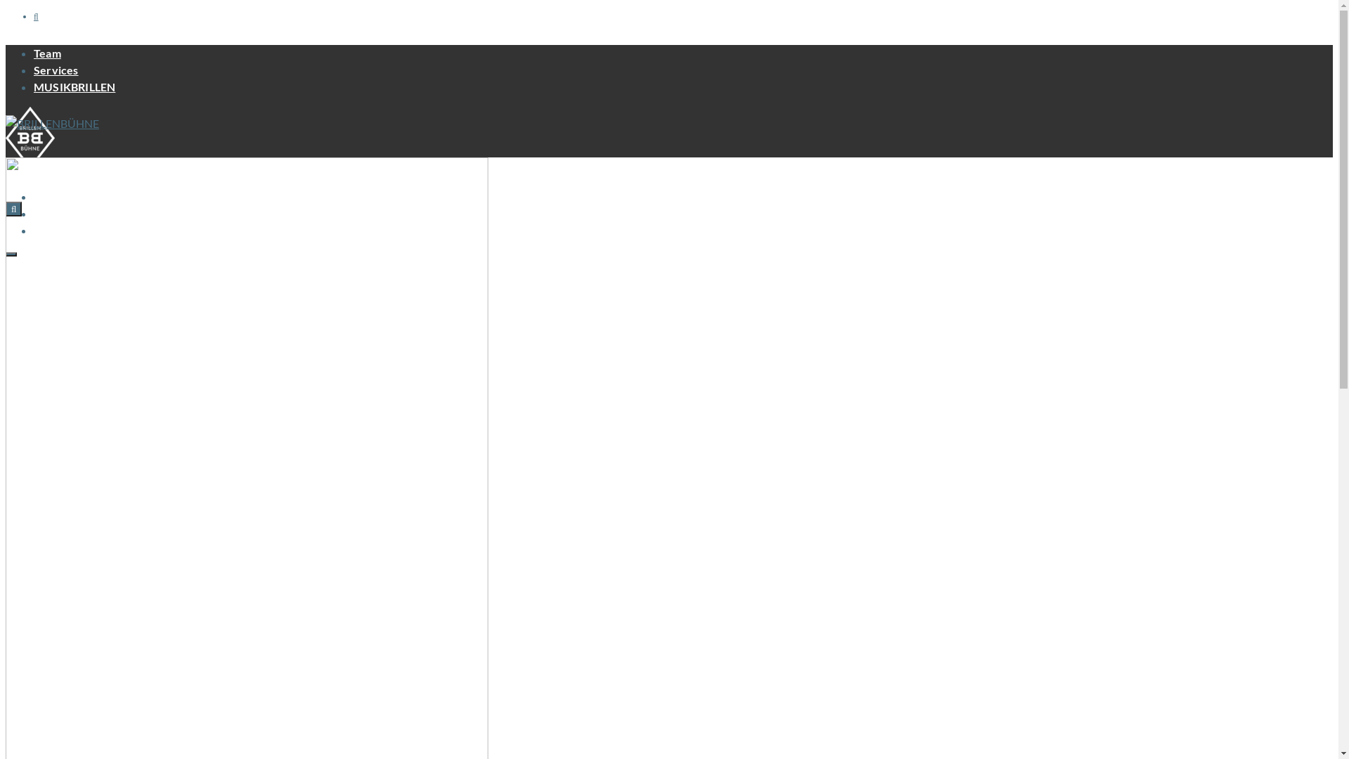 The width and height of the screenshot is (1349, 759). Describe the element at coordinates (34, 52) in the screenshot. I see `'Team'` at that location.